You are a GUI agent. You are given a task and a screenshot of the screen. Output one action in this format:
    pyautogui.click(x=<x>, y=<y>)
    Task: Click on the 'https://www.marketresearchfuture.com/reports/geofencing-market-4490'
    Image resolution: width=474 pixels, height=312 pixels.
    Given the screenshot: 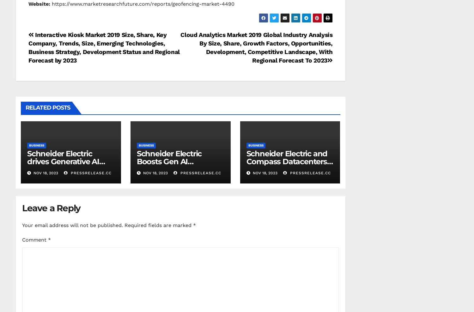 What is the action you would take?
    pyautogui.click(x=142, y=3)
    